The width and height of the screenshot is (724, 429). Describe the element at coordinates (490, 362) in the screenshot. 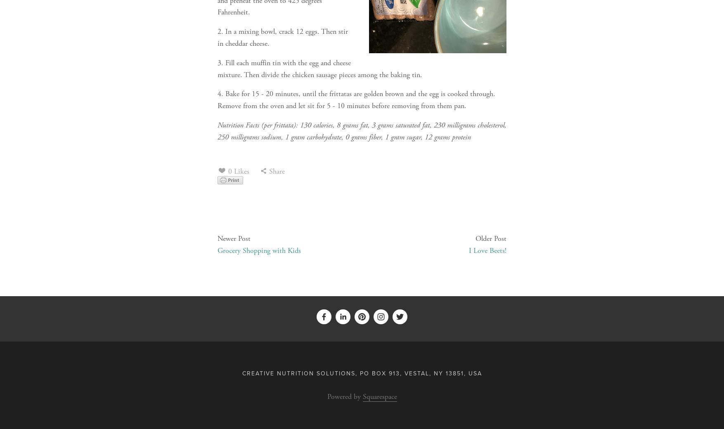

I see `'Older Post'` at that location.